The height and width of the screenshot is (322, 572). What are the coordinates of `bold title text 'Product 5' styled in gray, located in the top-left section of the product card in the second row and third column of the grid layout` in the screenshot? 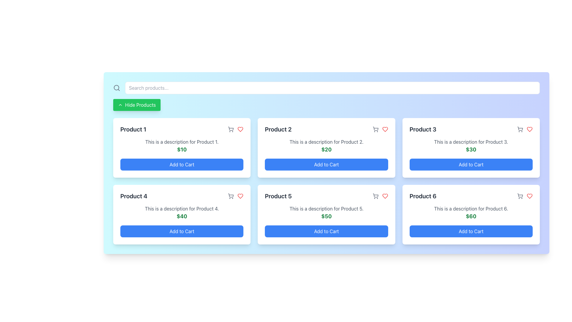 It's located at (278, 196).